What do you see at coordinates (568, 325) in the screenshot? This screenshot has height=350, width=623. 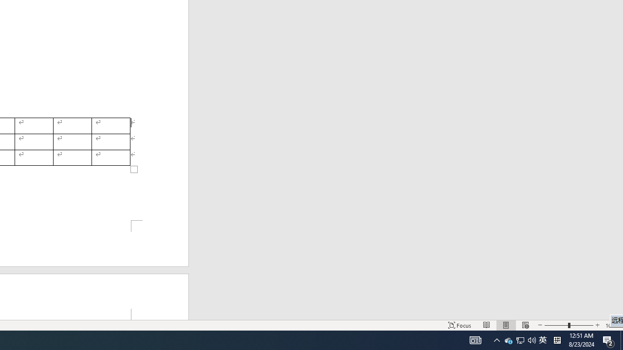 I see `'Zoom'` at bounding box center [568, 325].